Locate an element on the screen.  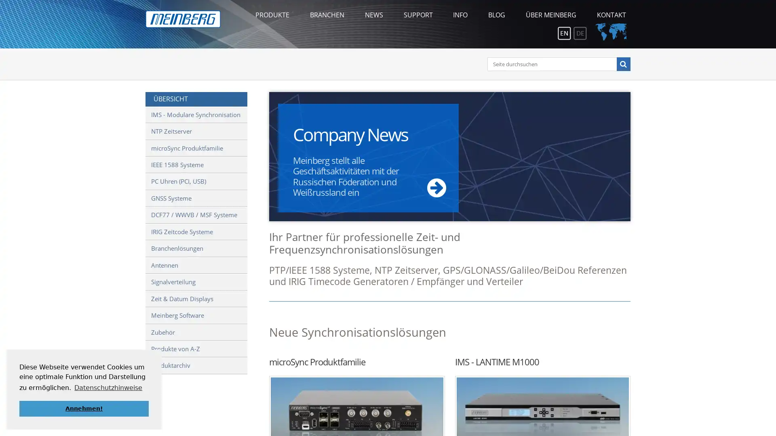
dismiss cookie message is located at coordinates (84, 408).